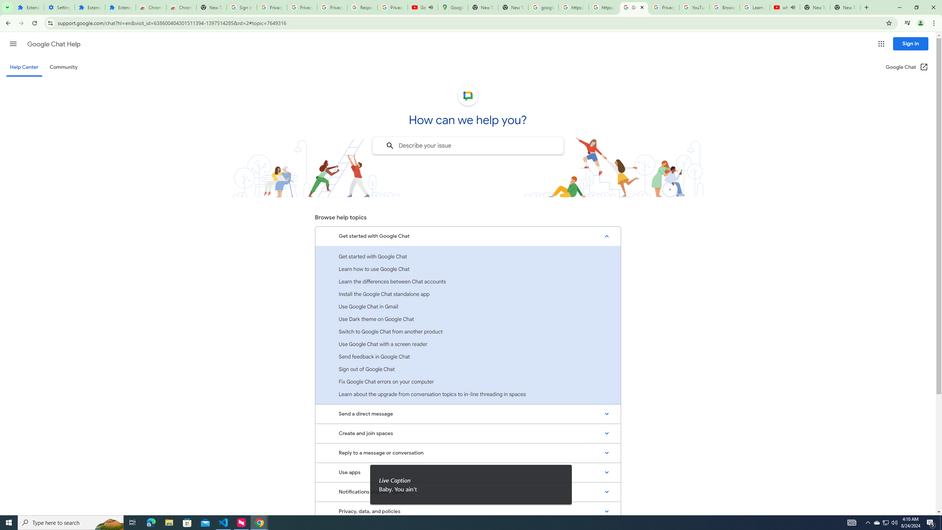  Describe the element at coordinates (120, 7) in the screenshot. I see `'Extensions'` at that location.